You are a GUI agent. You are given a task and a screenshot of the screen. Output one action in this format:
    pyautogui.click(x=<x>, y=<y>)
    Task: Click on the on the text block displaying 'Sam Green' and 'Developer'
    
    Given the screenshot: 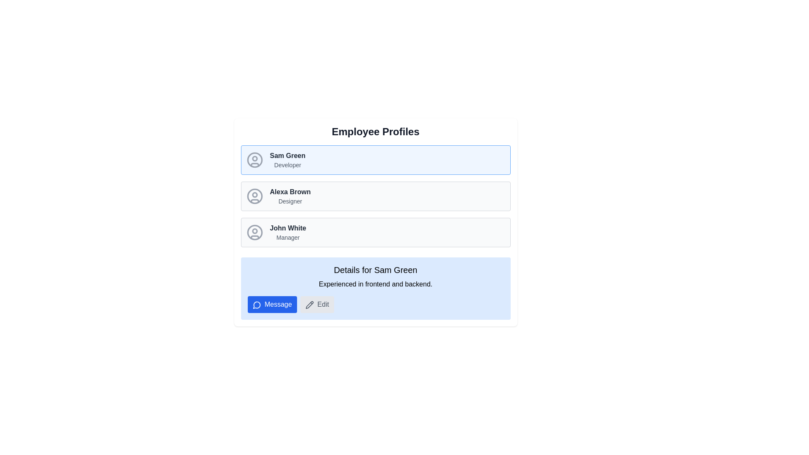 What is the action you would take?
    pyautogui.click(x=287, y=160)
    